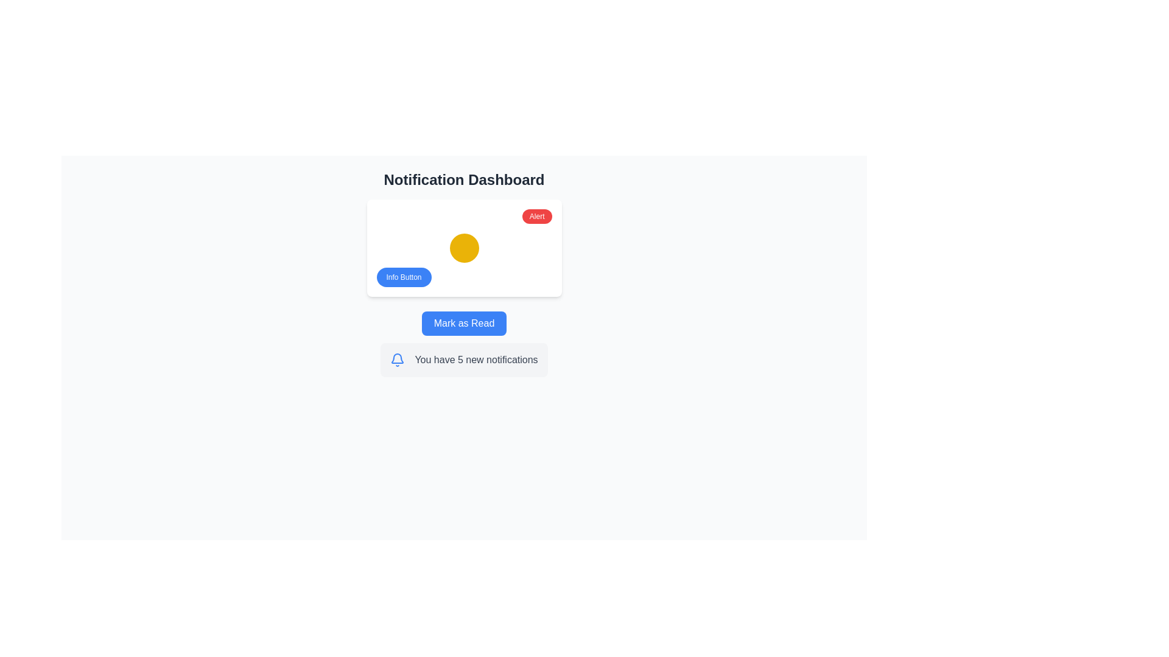  I want to click on the 'Mark as Read' button in the notification area displaying 'You have 5 new notifications' to read the notification message, so click(463, 344).